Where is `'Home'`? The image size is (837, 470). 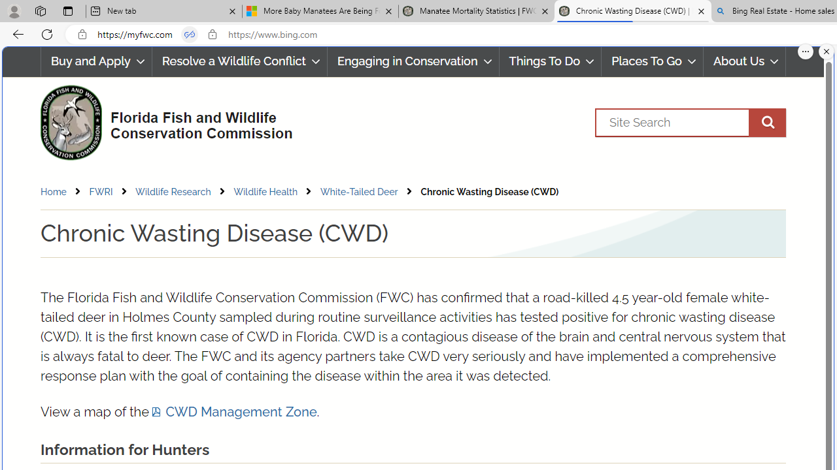
'Home' is located at coordinates (63, 191).